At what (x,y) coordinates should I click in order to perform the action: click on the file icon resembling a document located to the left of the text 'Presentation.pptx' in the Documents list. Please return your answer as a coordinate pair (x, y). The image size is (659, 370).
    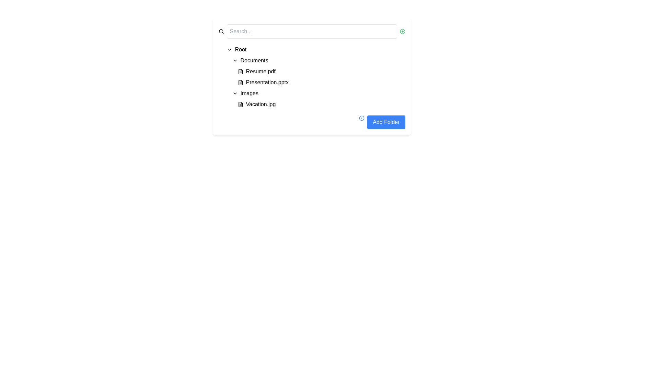
    Looking at the image, I should click on (240, 82).